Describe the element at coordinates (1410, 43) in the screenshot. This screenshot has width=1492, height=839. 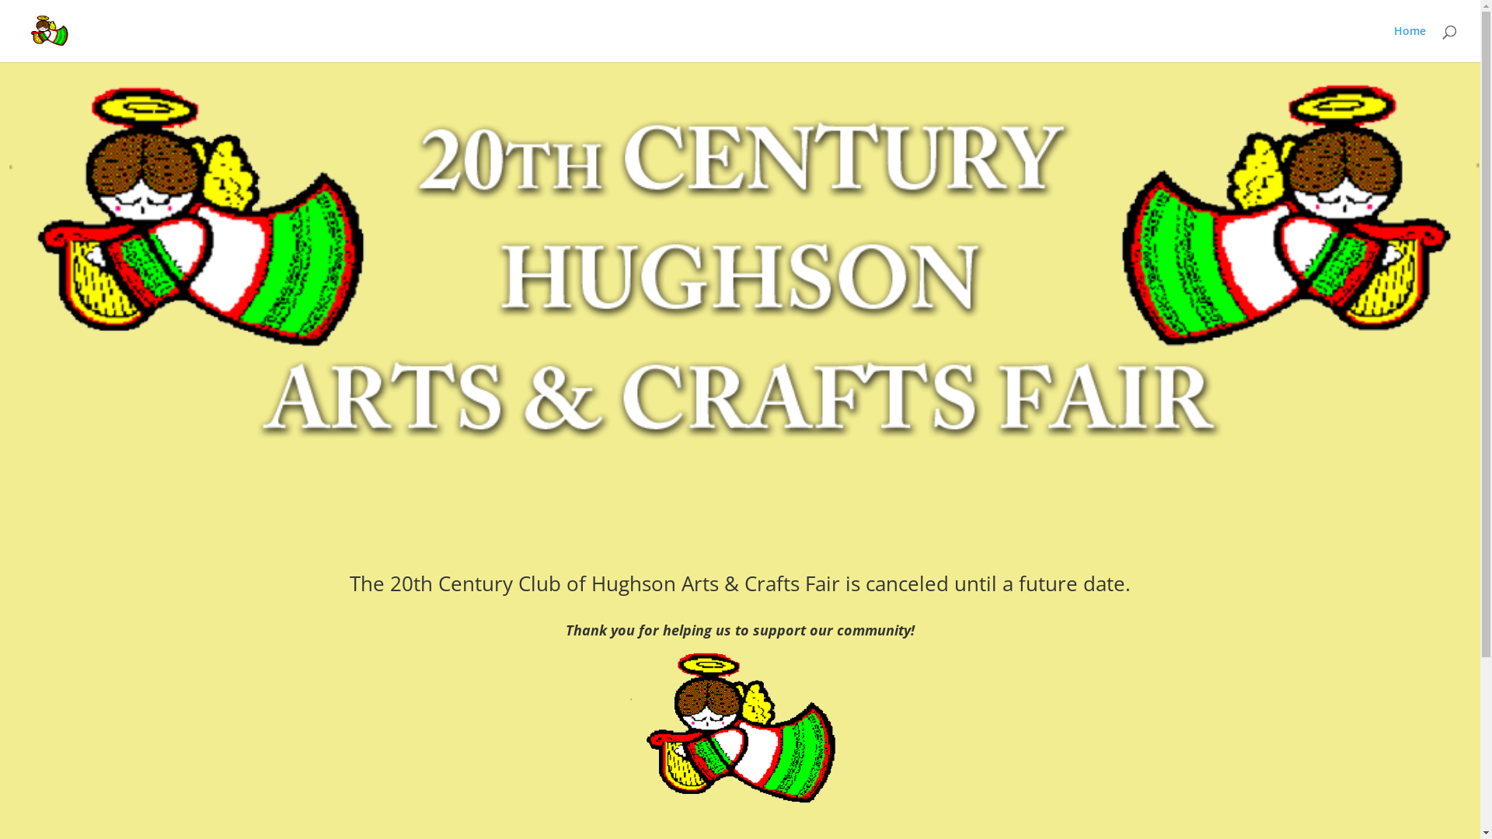
I see `'Home'` at that location.